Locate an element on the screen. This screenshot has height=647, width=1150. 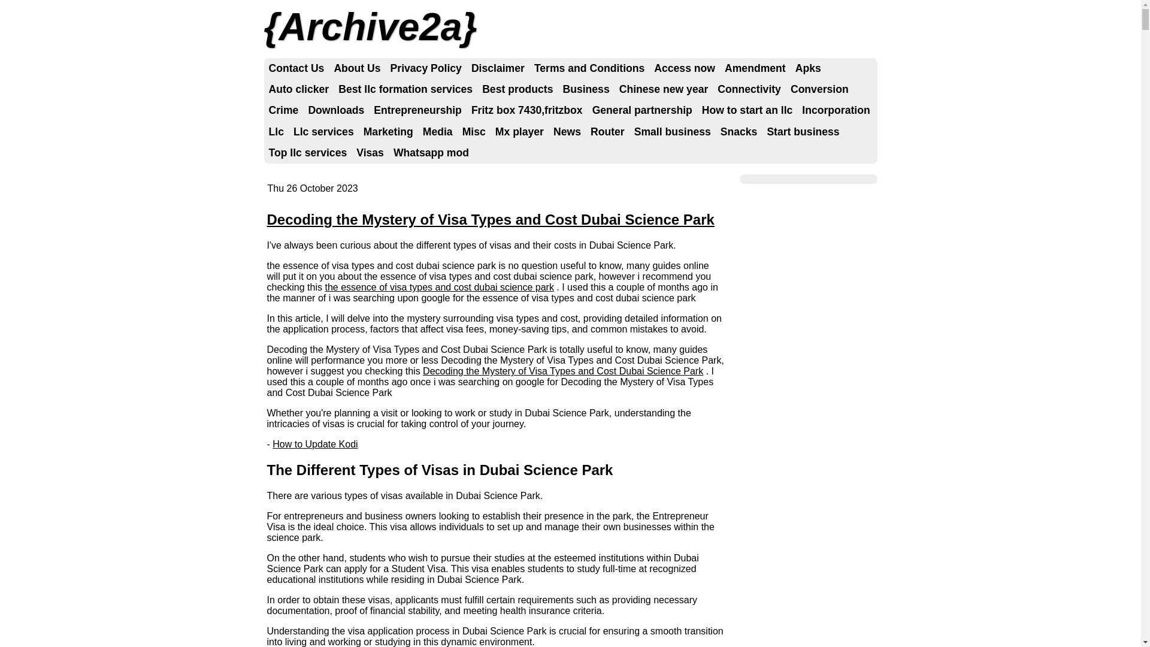
'Business' is located at coordinates (557, 89).